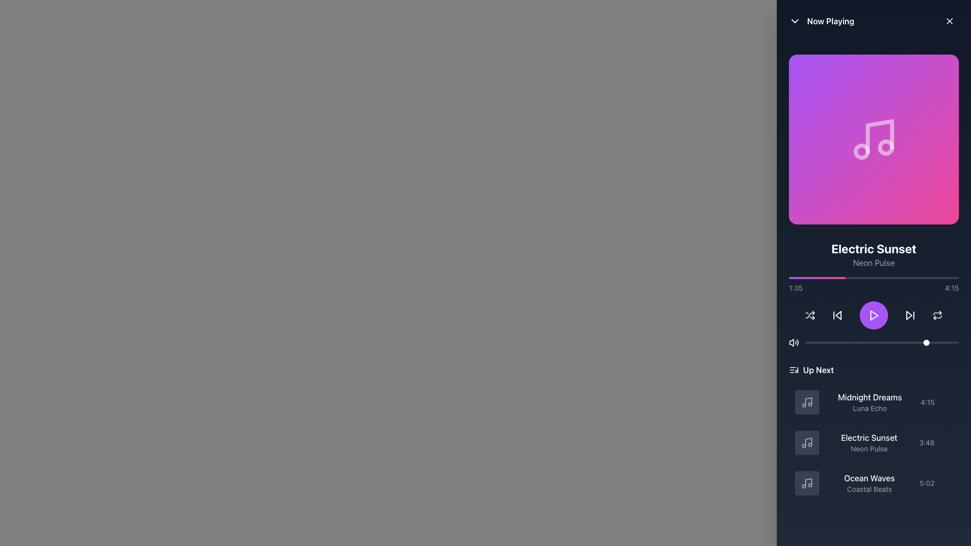 The image size is (971, 546). What do you see at coordinates (873, 442) in the screenshot?
I see `the audio track 'Electric Sunset' in the sidebar panel under the 'Up Next' section` at bounding box center [873, 442].